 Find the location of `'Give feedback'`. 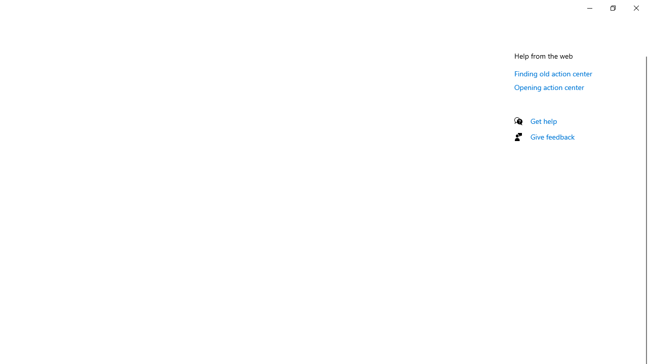

'Give feedback' is located at coordinates (552, 136).